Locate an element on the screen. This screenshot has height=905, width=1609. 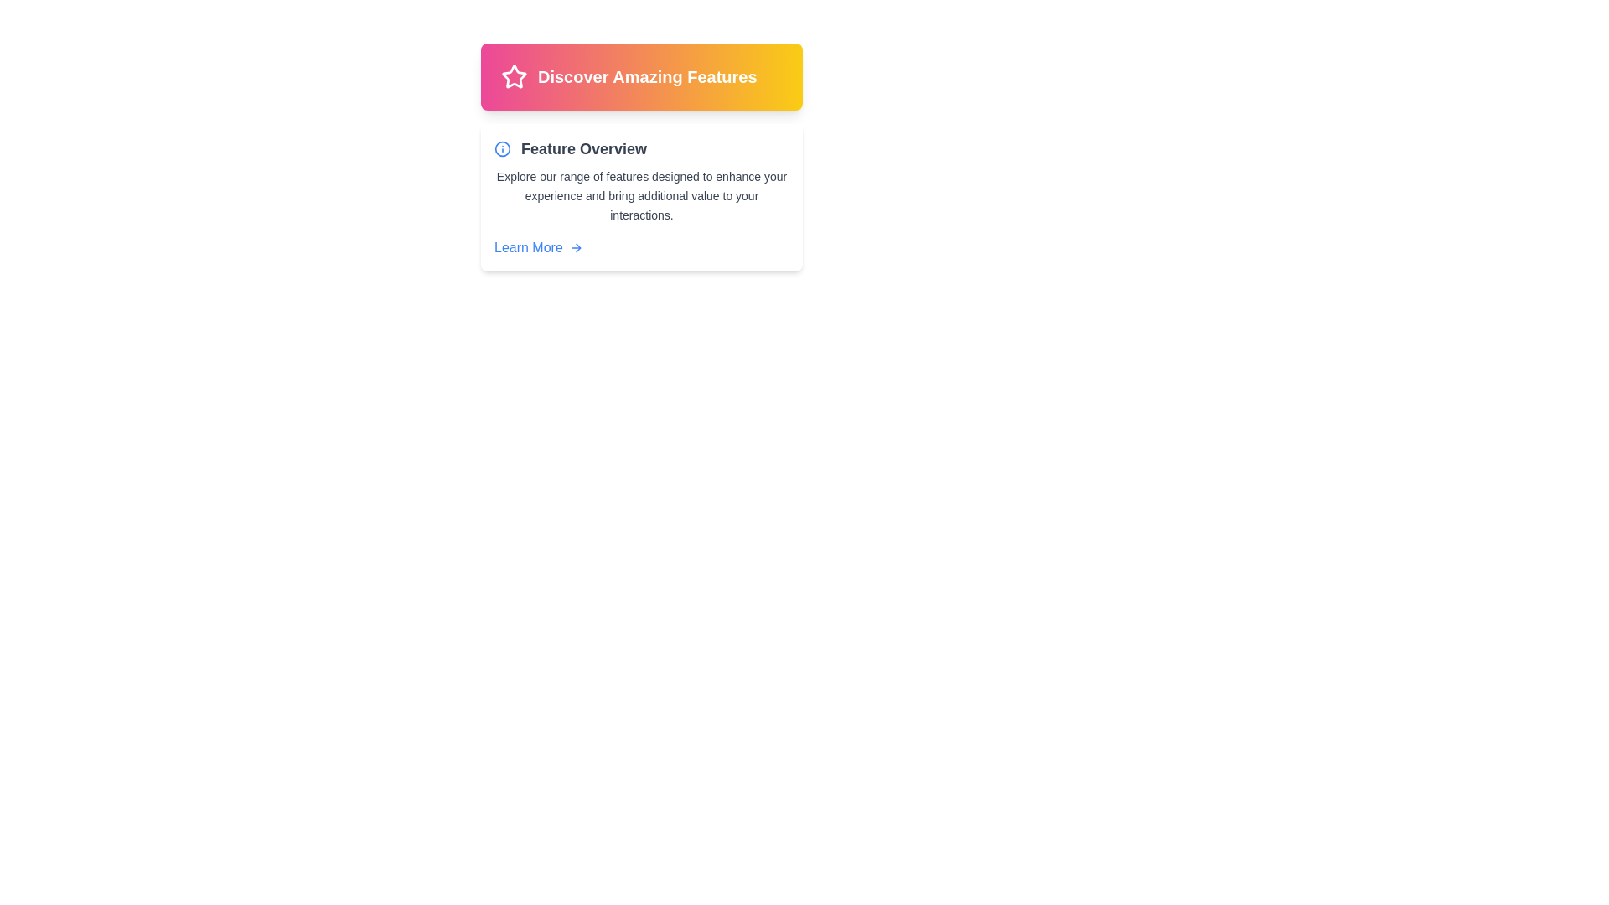
the star-shaped icon with a pink fill located in the upper left corner of the colorful banner that reads 'Discover Amazing Features' is located at coordinates (514, 76).